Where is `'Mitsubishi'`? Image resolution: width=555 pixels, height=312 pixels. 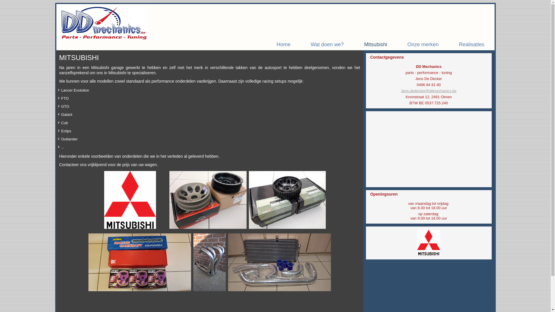 'Mitsubishi' is located at coordinates (354, 44).